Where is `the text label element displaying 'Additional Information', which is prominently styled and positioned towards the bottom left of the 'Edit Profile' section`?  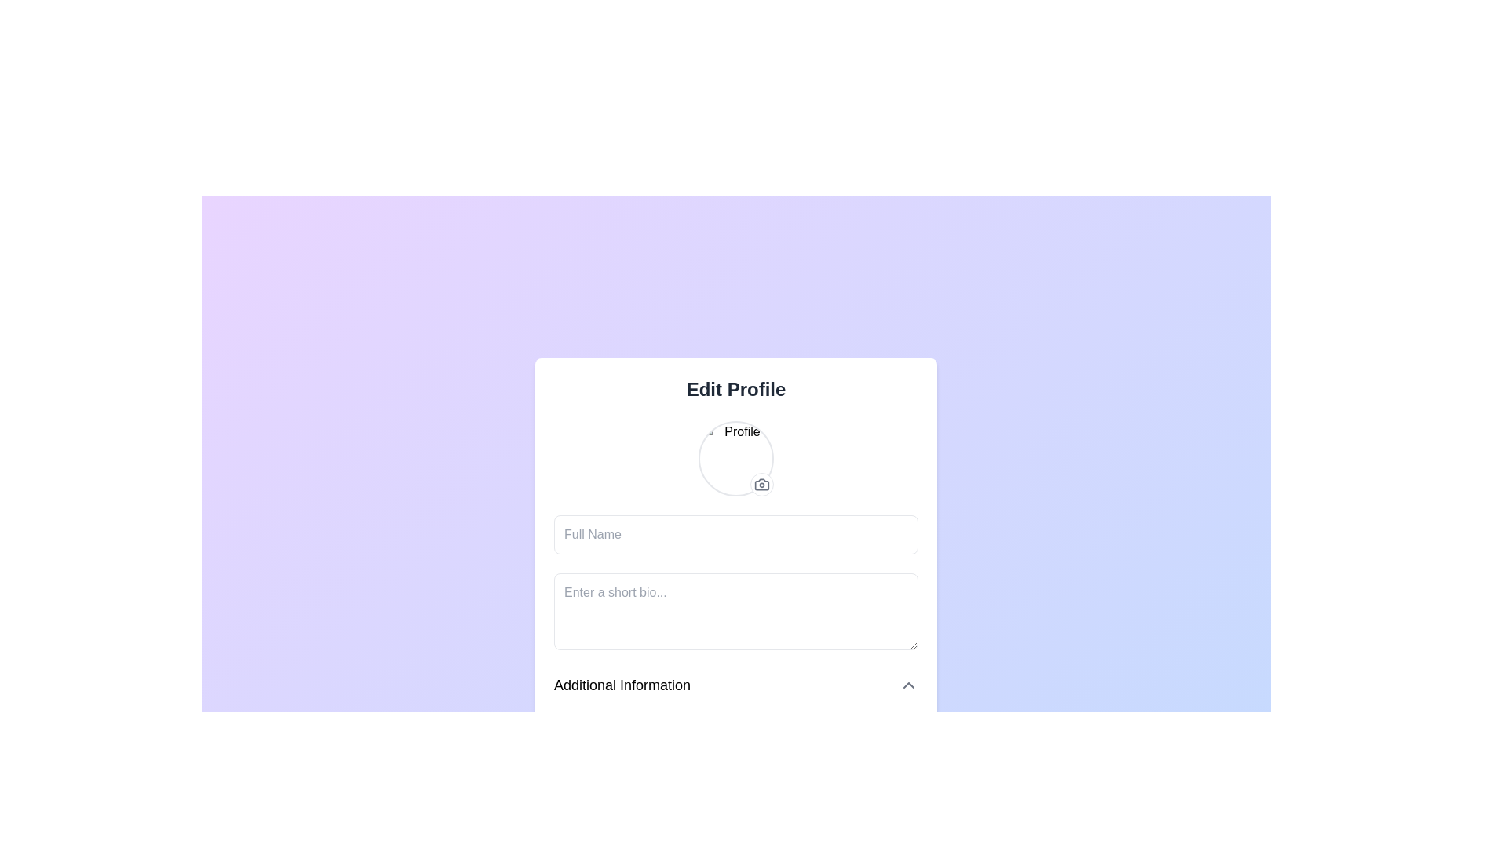 the text label element displaying 'Additional Information', which is prominently styled and positioned towards the bottom left of the 'Edit Profile' section is located at coordinates (621, 684).